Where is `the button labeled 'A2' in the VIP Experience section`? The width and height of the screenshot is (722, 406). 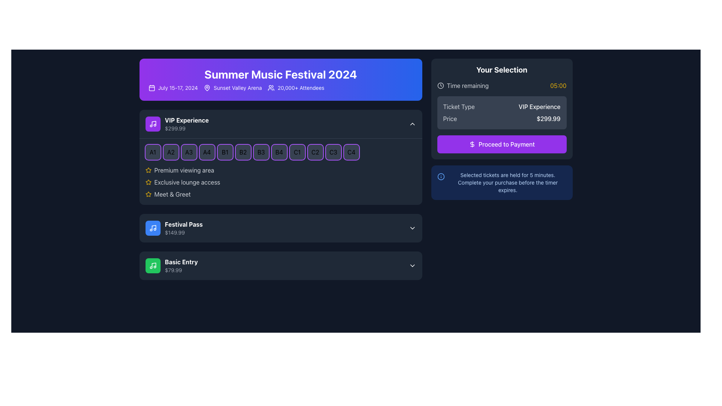 the button labeled 'A2' in the VIP Experience section is located at coordinates (170, 152).